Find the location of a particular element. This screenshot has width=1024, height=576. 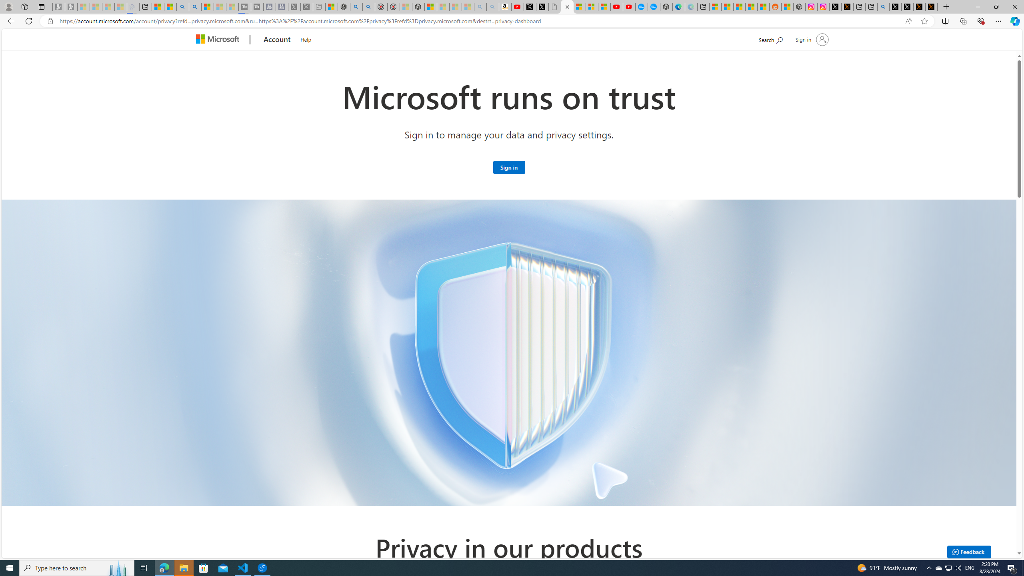

'Microsoft account | Microsoft Account Privacy Settings' is located at coordinates (715, 6).